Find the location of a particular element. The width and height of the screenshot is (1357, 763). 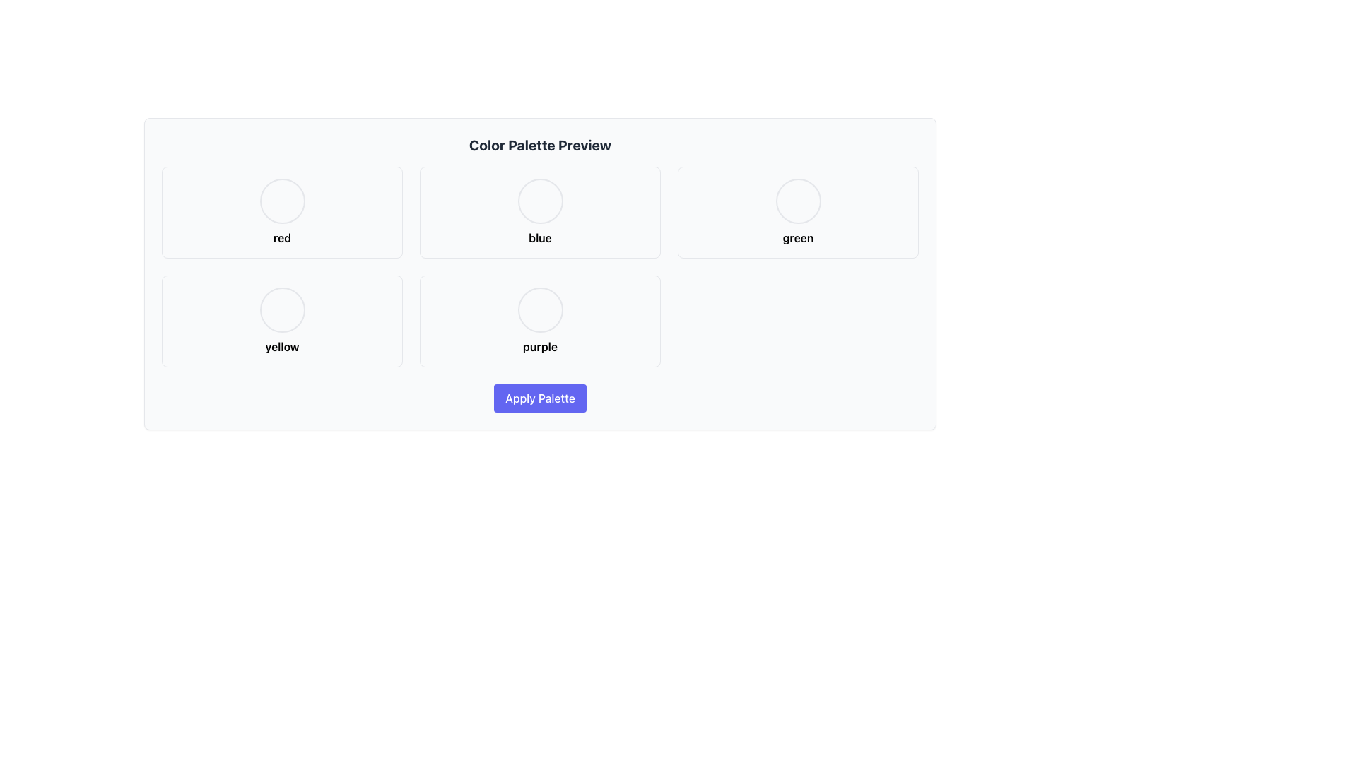

the yellow clickable card located in the second row, first column of the grid layout, which visually represents a color selection in the color palette is located at coordinates (282, 321).